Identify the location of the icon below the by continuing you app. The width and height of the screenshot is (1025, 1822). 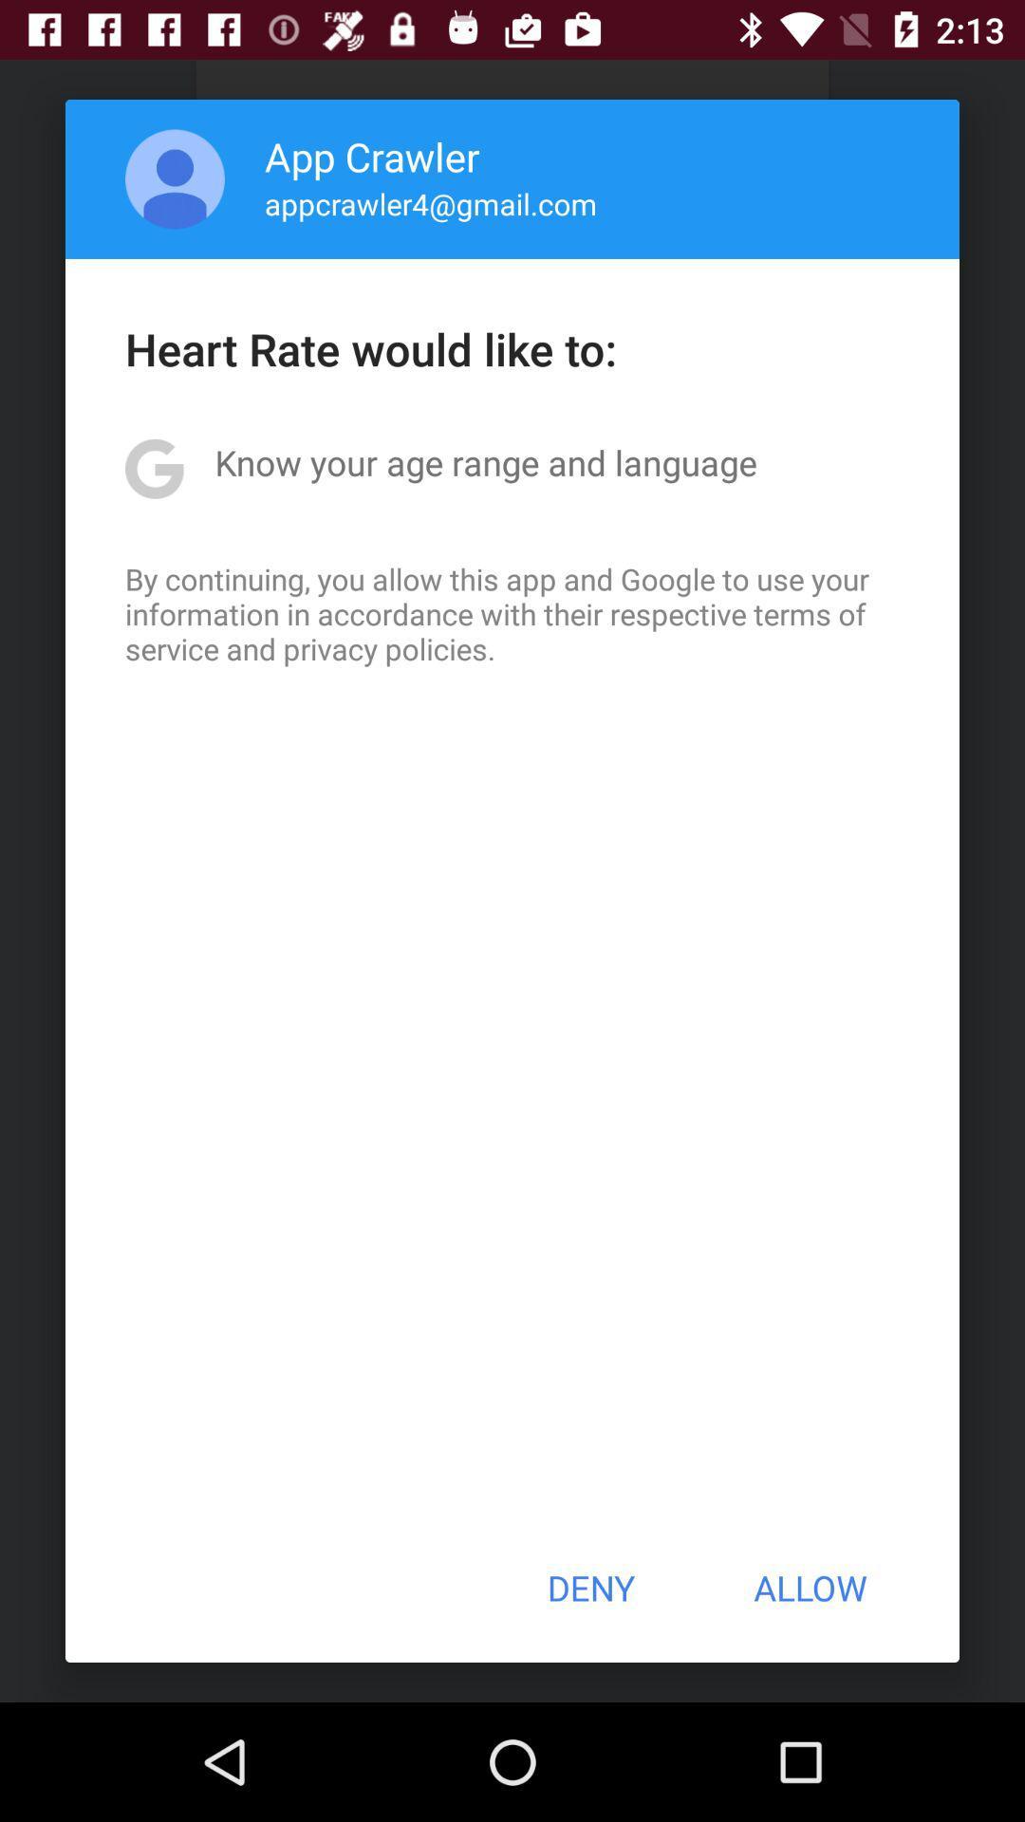
(589, 1588).